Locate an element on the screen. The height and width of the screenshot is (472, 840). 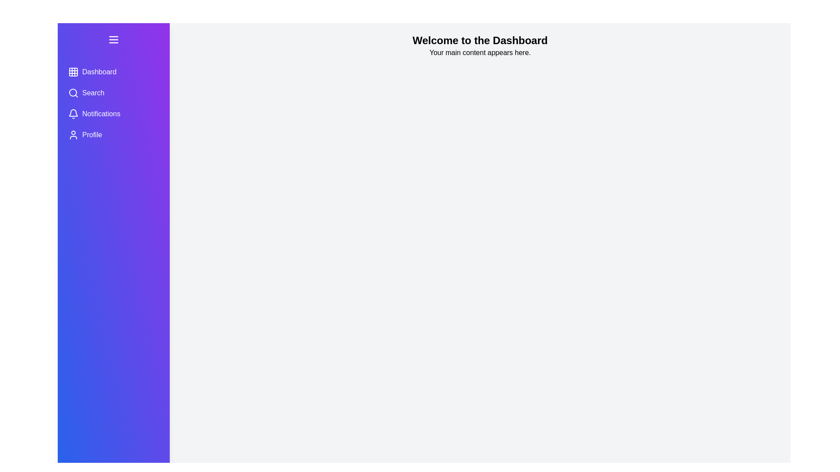
the 'Dashboard' list item in the sidebar to navigate to the Dashboard section is located at coordinates (113, 72).